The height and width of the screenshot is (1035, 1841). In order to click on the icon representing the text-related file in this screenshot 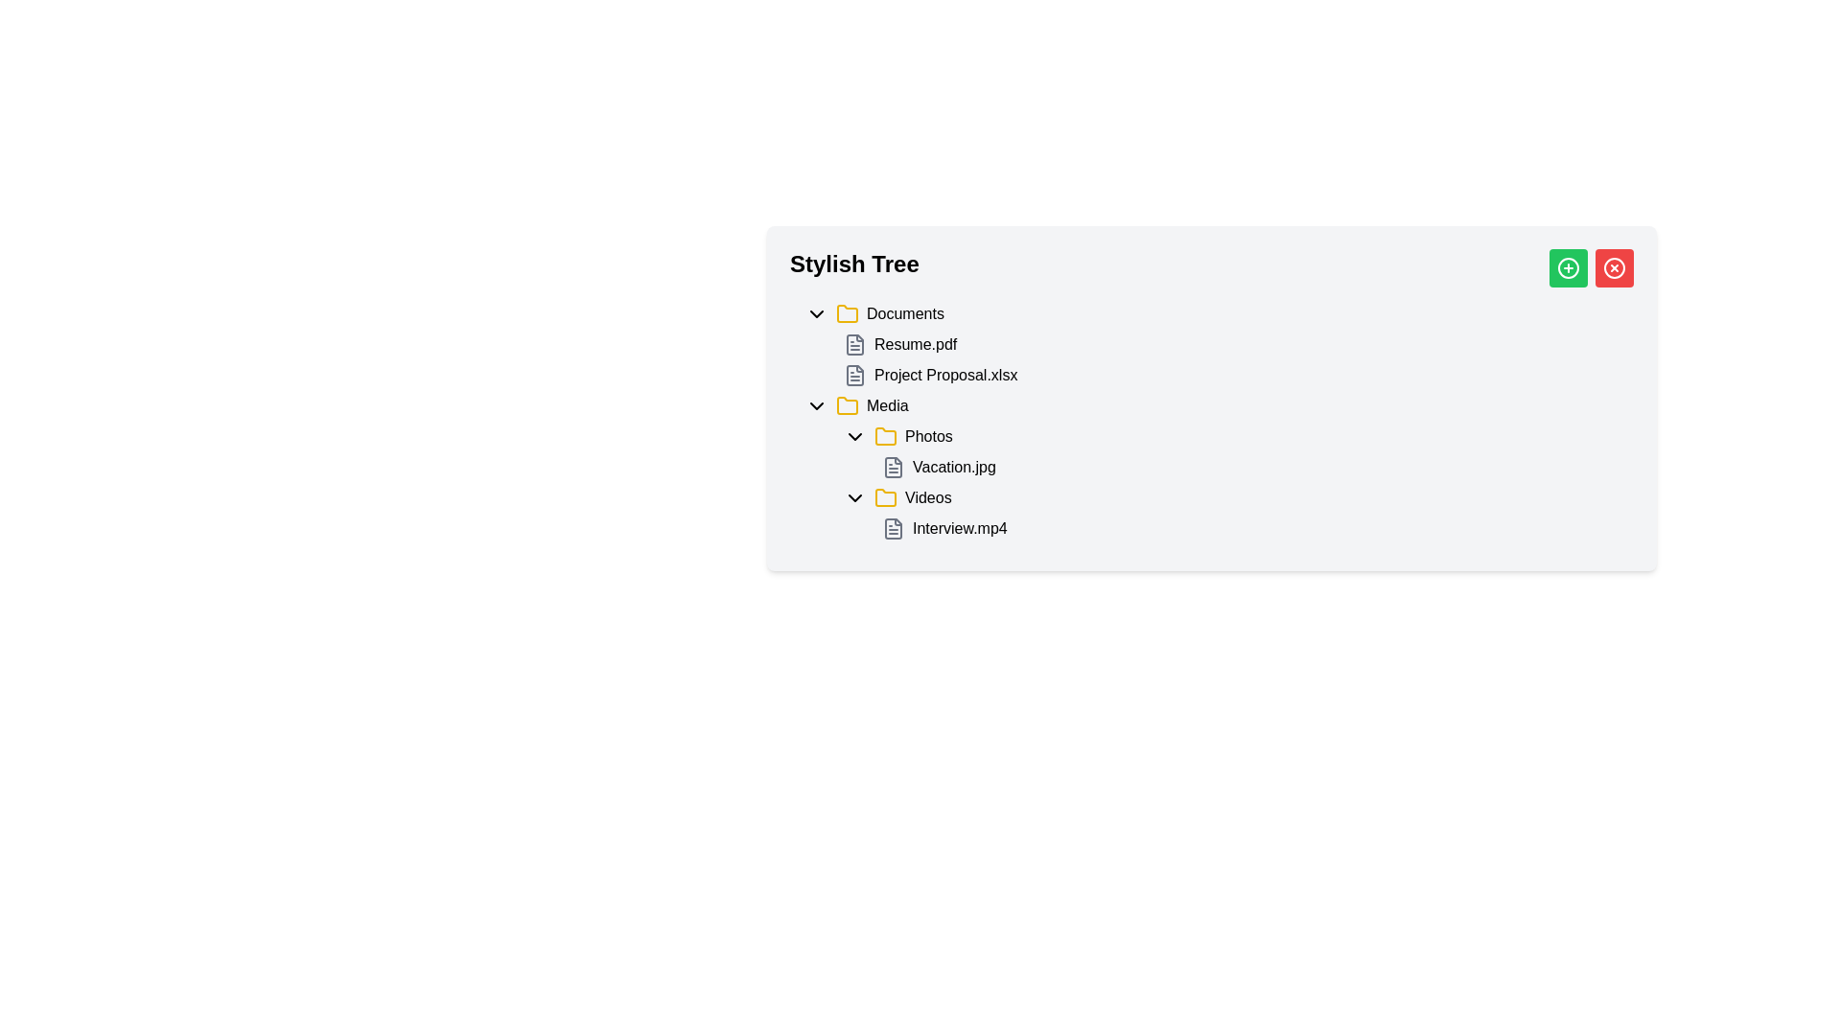, I will do `click(892, 468)`.